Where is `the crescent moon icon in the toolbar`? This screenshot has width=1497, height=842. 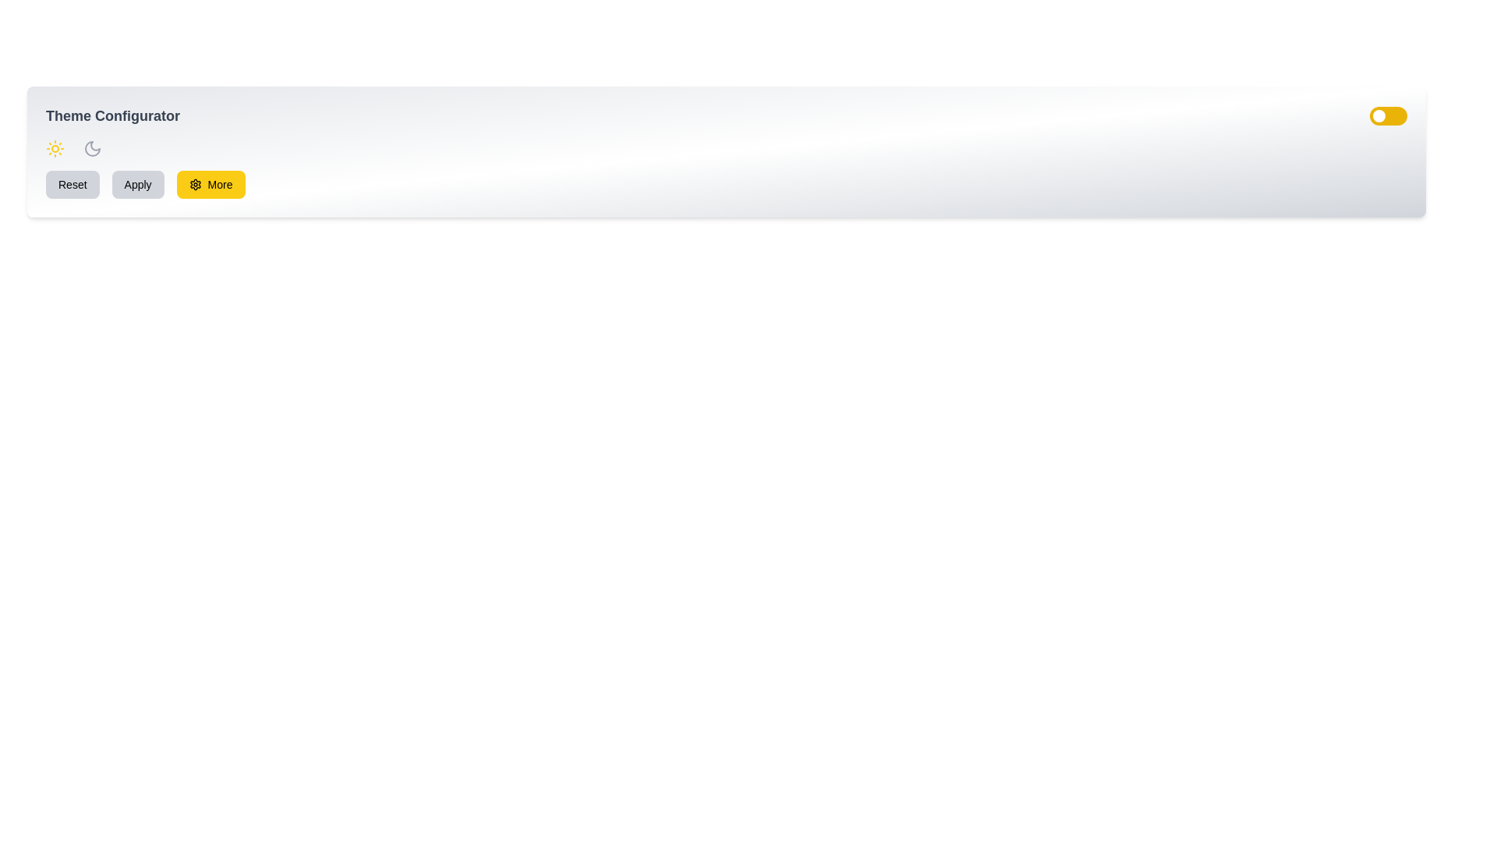 the crescent moon icon in the toolbar is located at coordinates (92, 149).